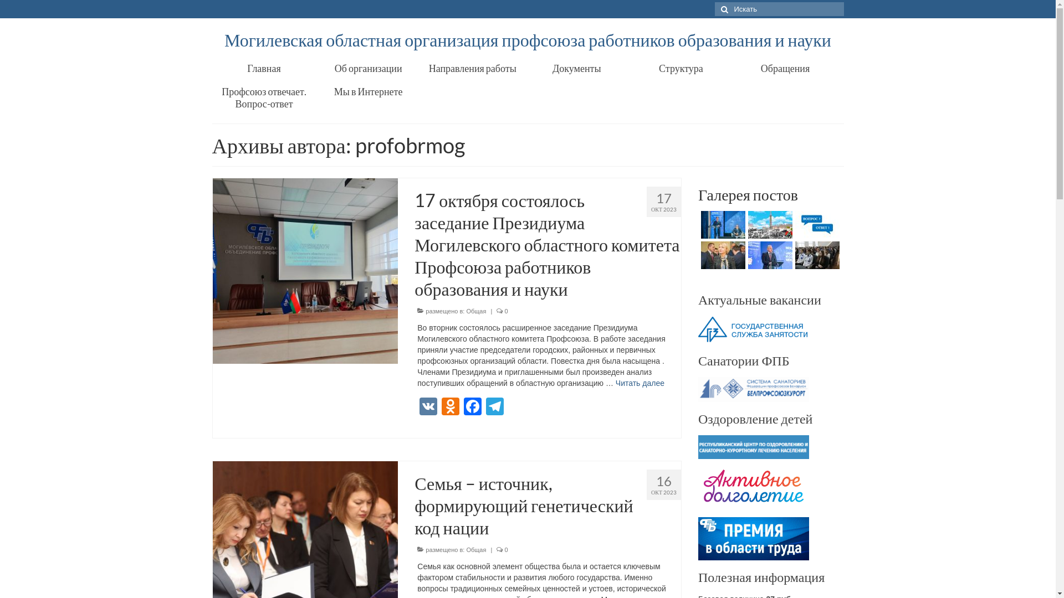  I want to click on 'Facebook', so click(462, 408).